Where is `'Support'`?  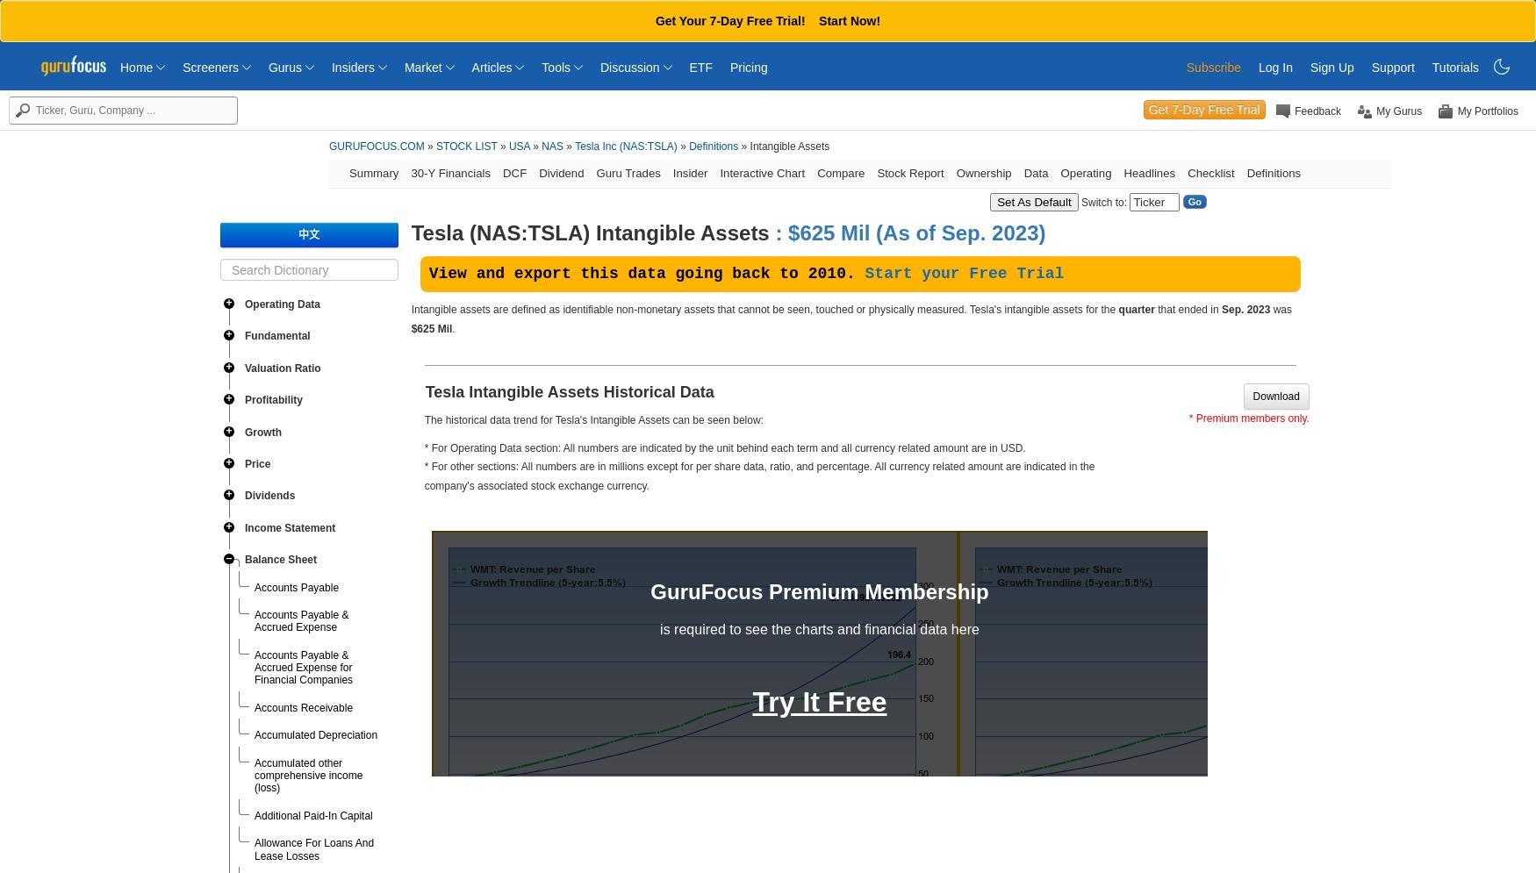
'Support' is located at coordinates (1392, 68).